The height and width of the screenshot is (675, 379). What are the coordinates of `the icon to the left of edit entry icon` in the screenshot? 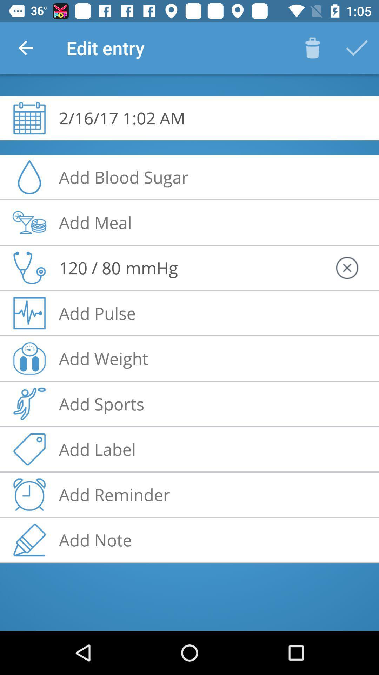 It's located at (25, 47).